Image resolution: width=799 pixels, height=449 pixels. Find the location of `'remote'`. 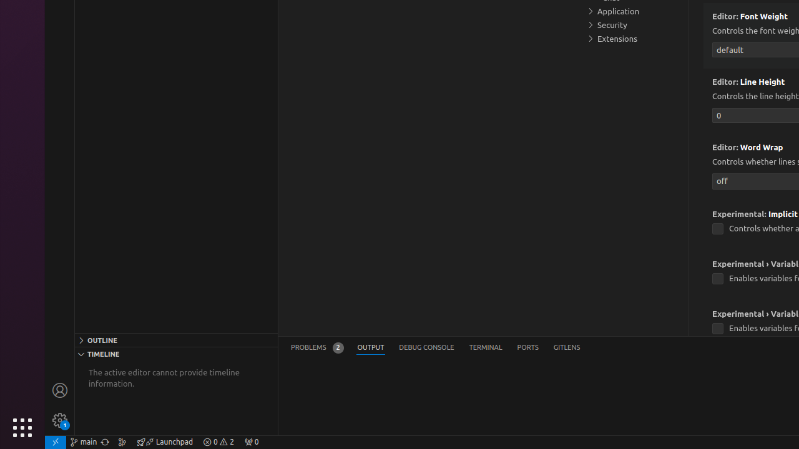

'remote' is located at coordinates (54, 441).